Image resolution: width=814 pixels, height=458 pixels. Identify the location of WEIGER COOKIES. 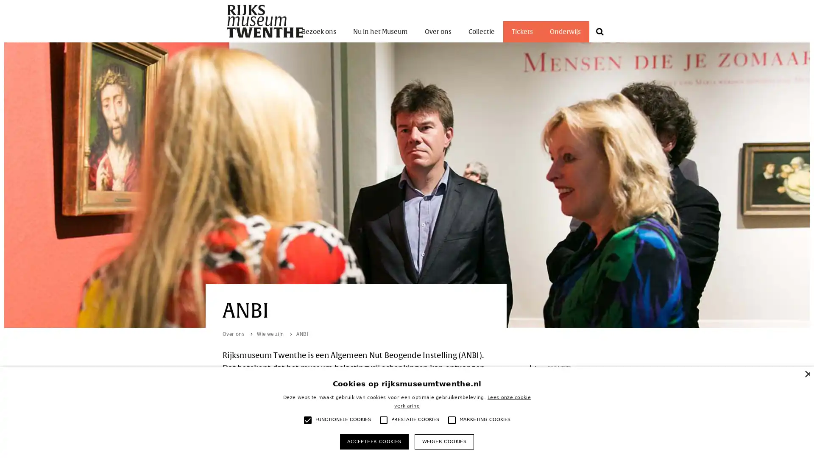
(443, 441).